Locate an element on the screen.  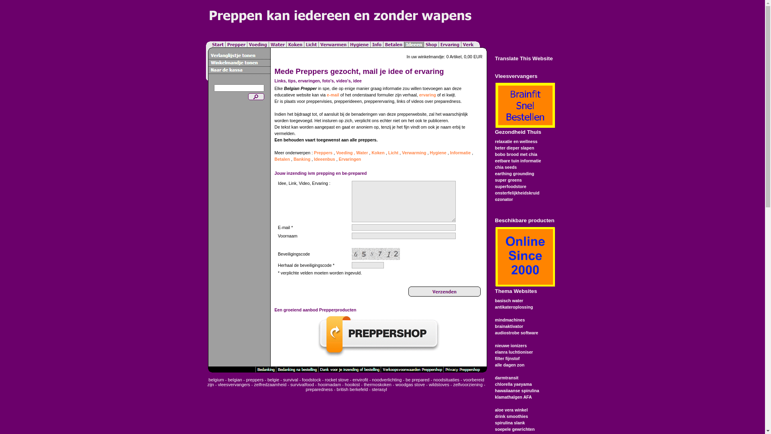
'relaxatie en wellness' is located at coordinates (516, 141).